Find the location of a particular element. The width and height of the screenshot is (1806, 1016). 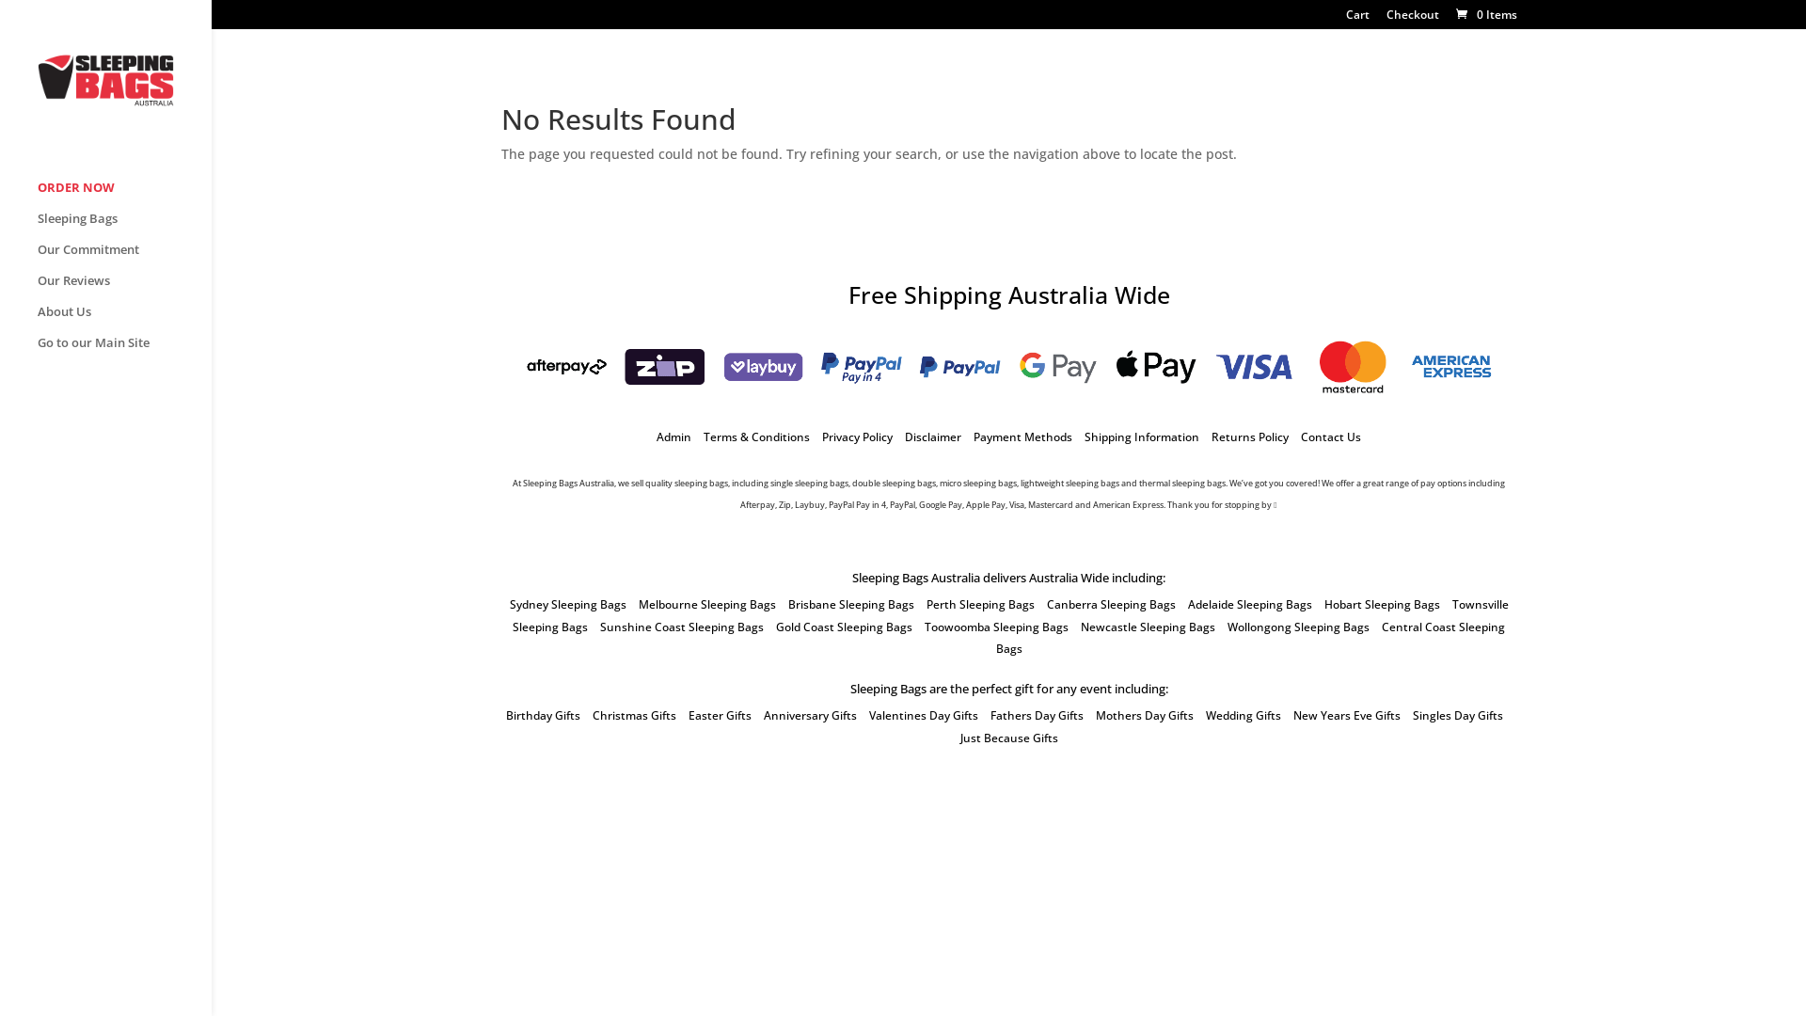

'Fathers Day Gifts' is located at coordinates (988, 715).